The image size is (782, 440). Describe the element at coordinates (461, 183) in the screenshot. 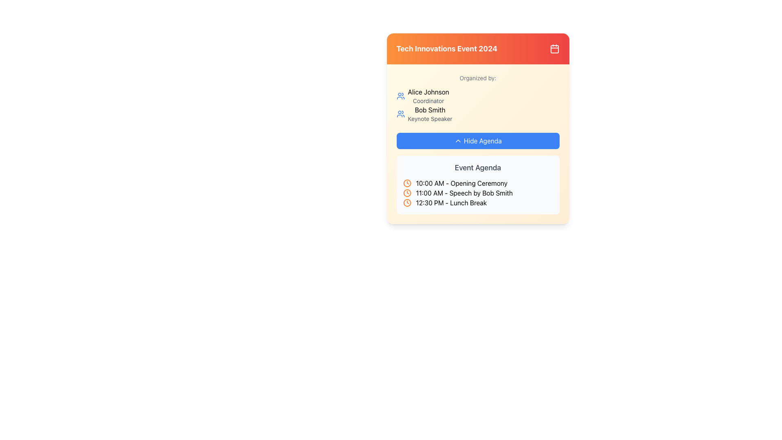

I see `the scheduled time and title text label of the opening ceremony in the Event Agenda section, which is the first item in the list and located to the right of a small orange clock icon` at that location.